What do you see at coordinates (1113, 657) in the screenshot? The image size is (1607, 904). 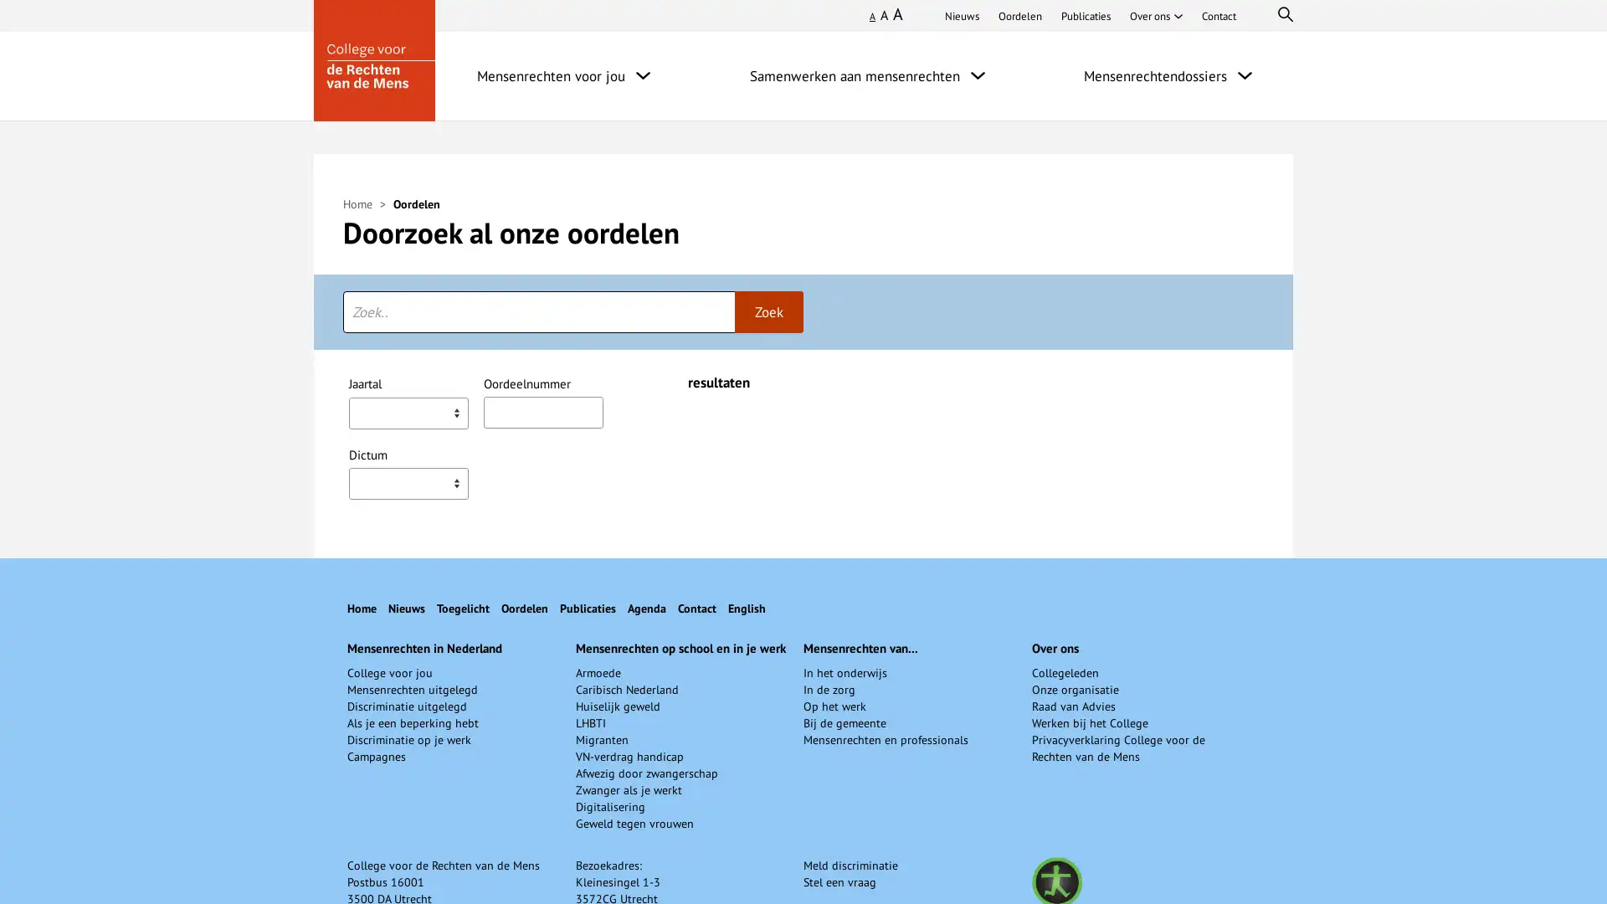 I see `Discriminatie op de werkvloer,` at bounding box center [1113, 657].